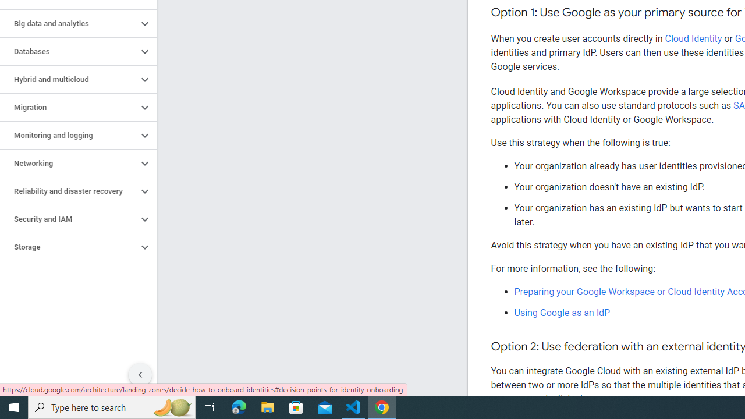 The width and height of the screenshot is (745, 419). Describe the element at coordinates (693, 38) in the screenshot. I see `'Cloud Identity'` at that location.